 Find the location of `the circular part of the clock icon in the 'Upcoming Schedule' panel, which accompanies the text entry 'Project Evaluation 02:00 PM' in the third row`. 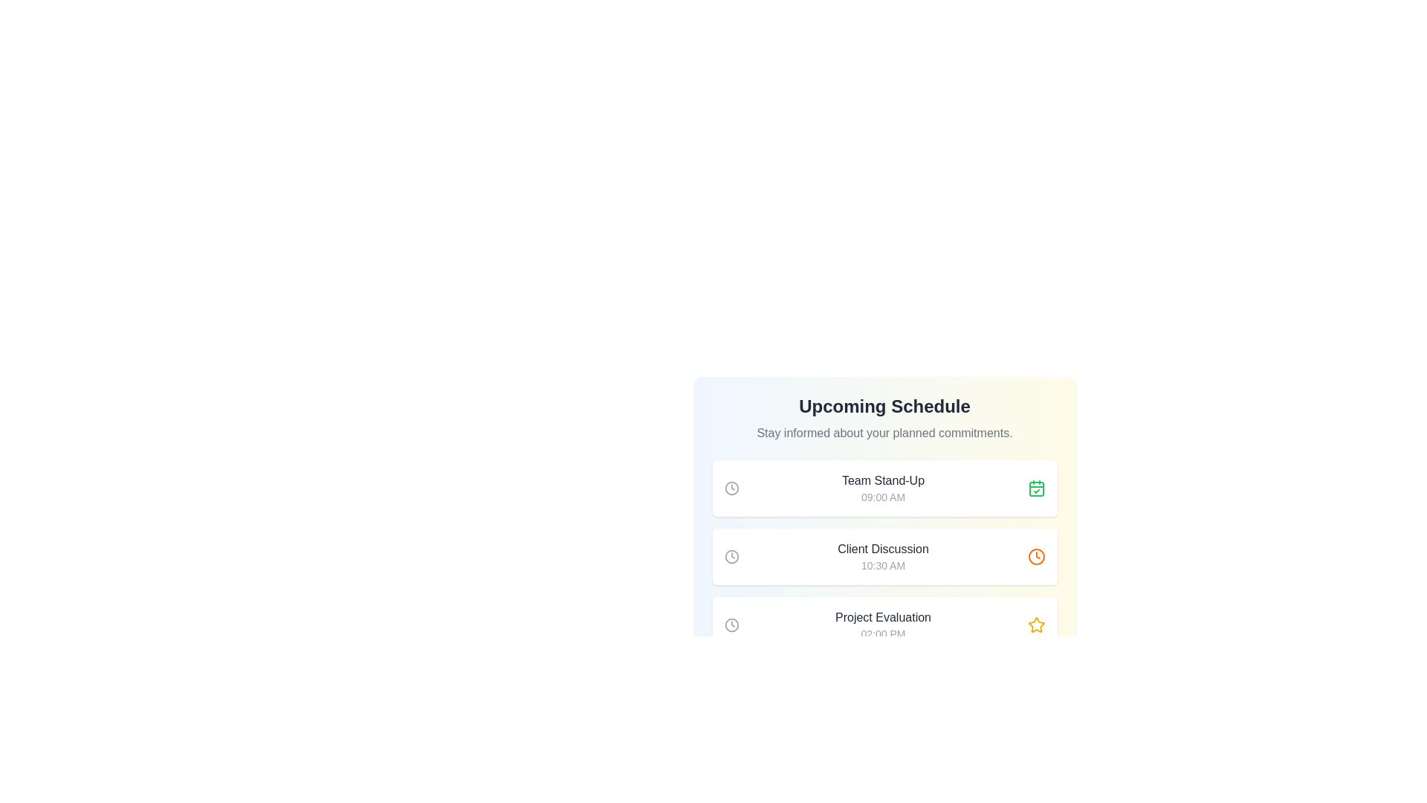

the circular part of the clock icon in the 'Upcoming Schedule' panel, which accompanies the text entry 'Project Evaluation 02:00 PM' in the third row is located at coordinates (731, 625).